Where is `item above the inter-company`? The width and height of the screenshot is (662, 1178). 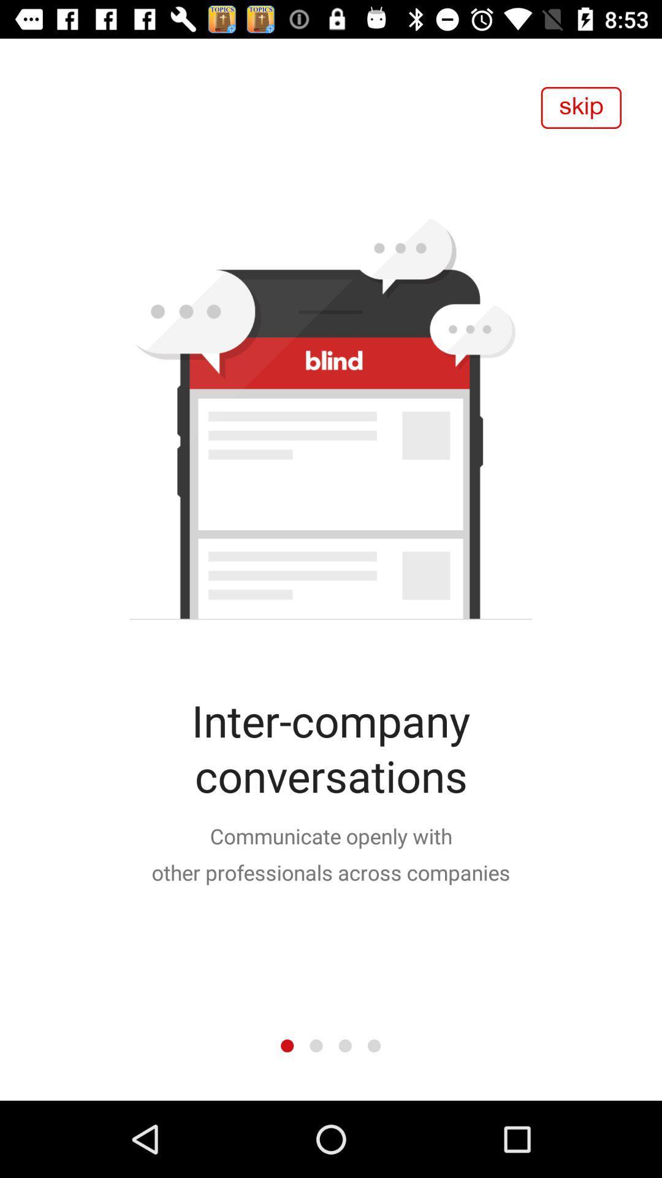
item above the inter-company is located at coordinates (580, 107).